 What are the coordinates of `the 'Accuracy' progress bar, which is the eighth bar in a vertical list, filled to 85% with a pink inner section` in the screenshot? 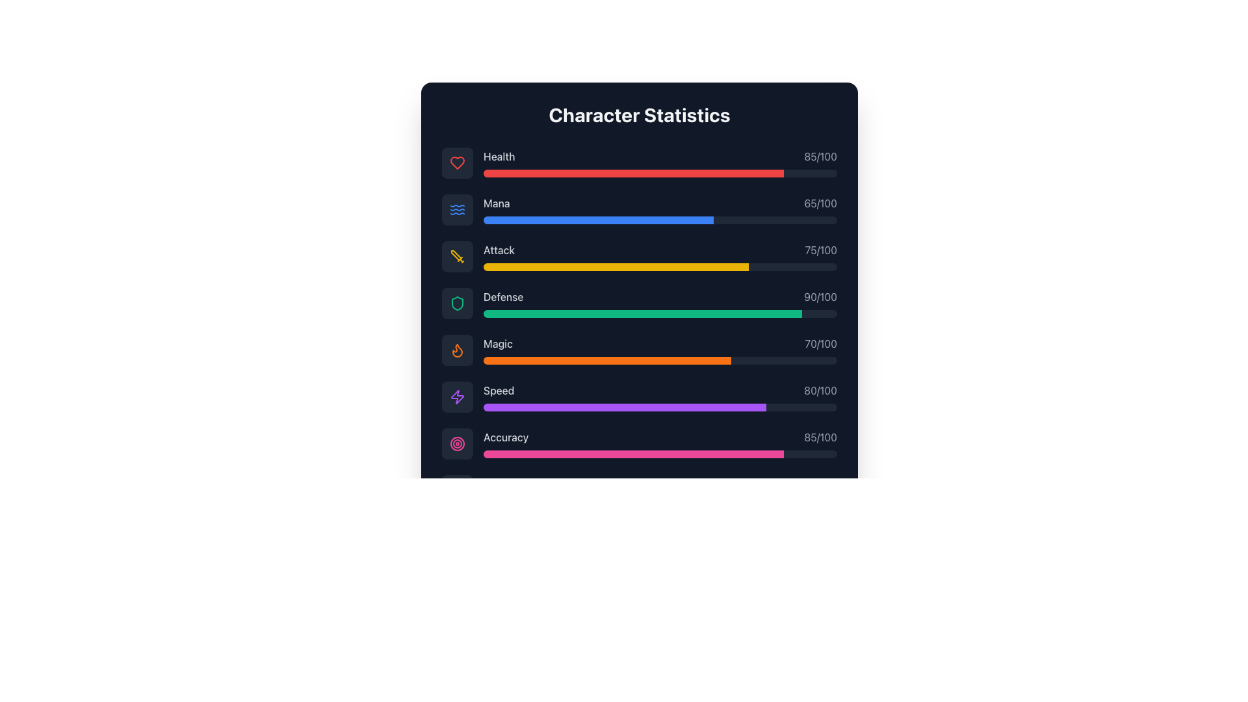 It's located at (660, 453).